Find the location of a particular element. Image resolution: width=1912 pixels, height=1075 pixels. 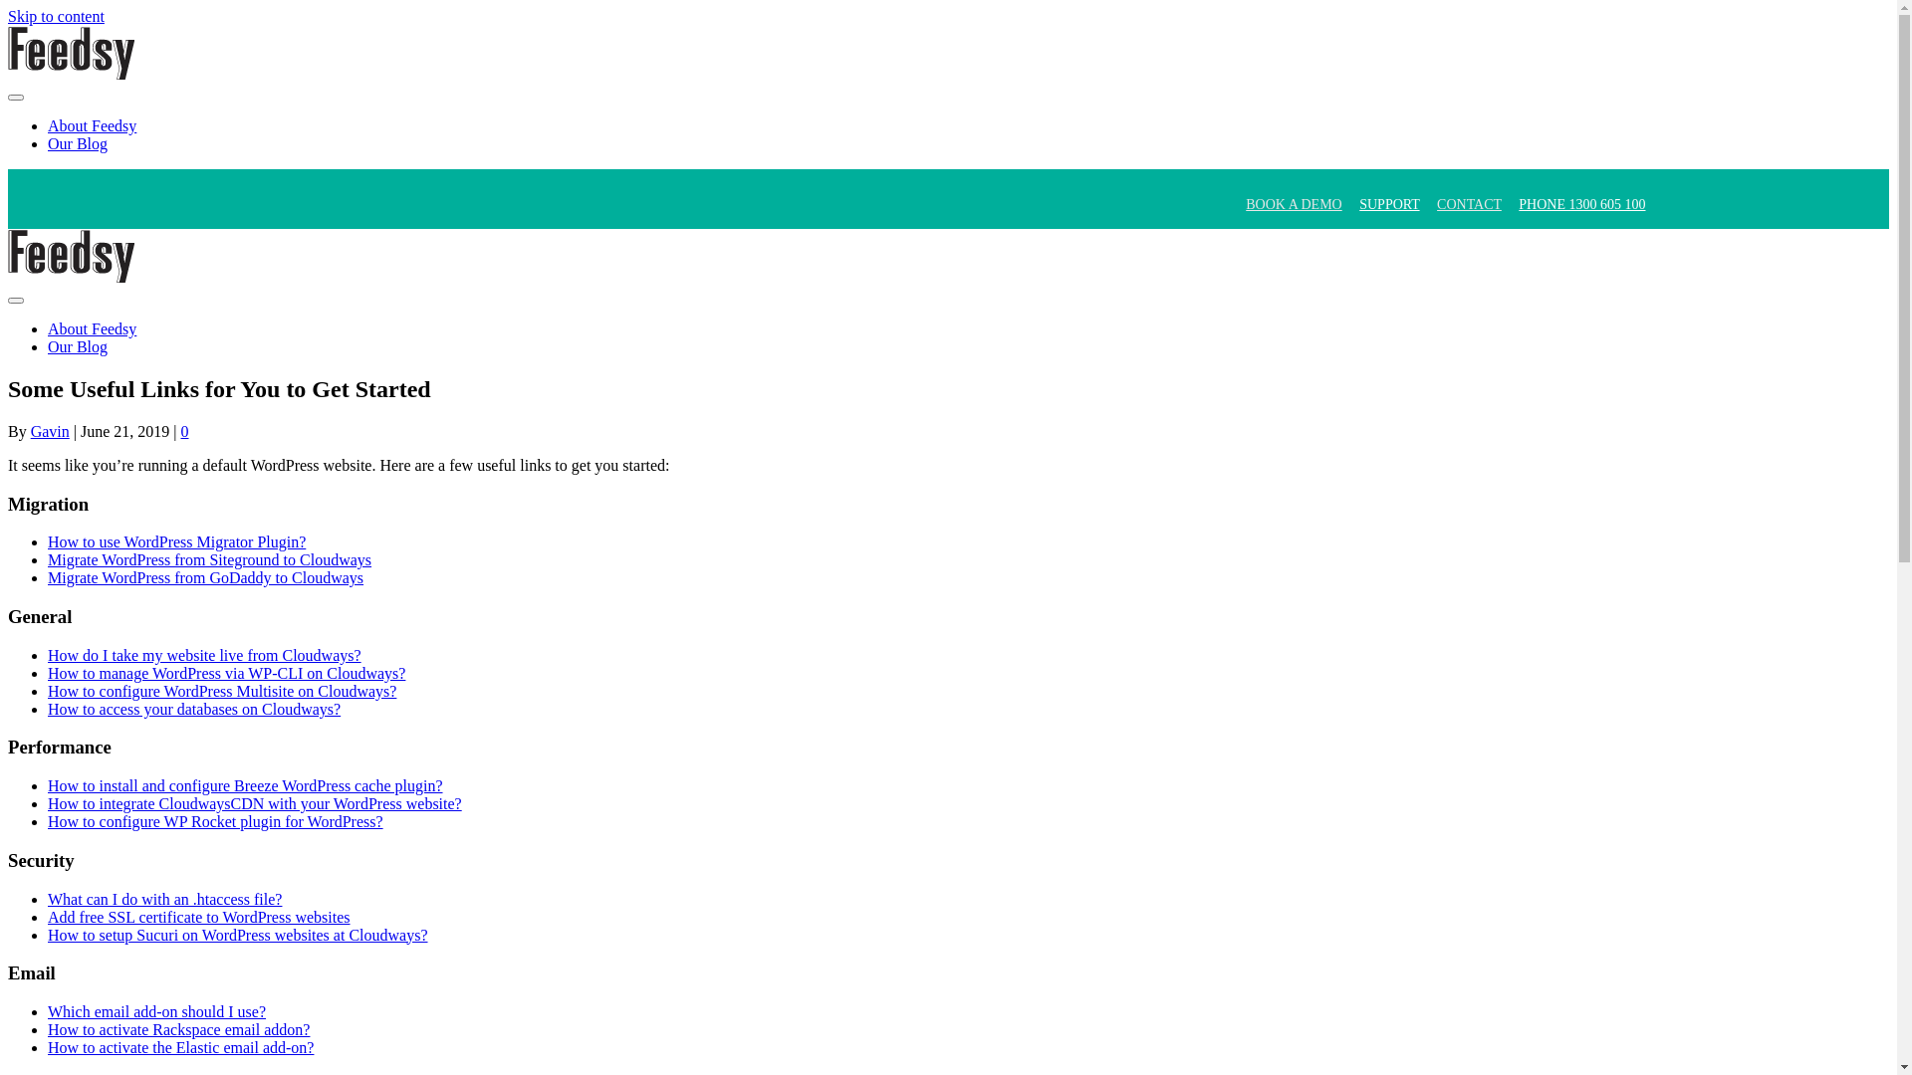

'BOOK A DEMO' is located at coordinates (1294, 204).